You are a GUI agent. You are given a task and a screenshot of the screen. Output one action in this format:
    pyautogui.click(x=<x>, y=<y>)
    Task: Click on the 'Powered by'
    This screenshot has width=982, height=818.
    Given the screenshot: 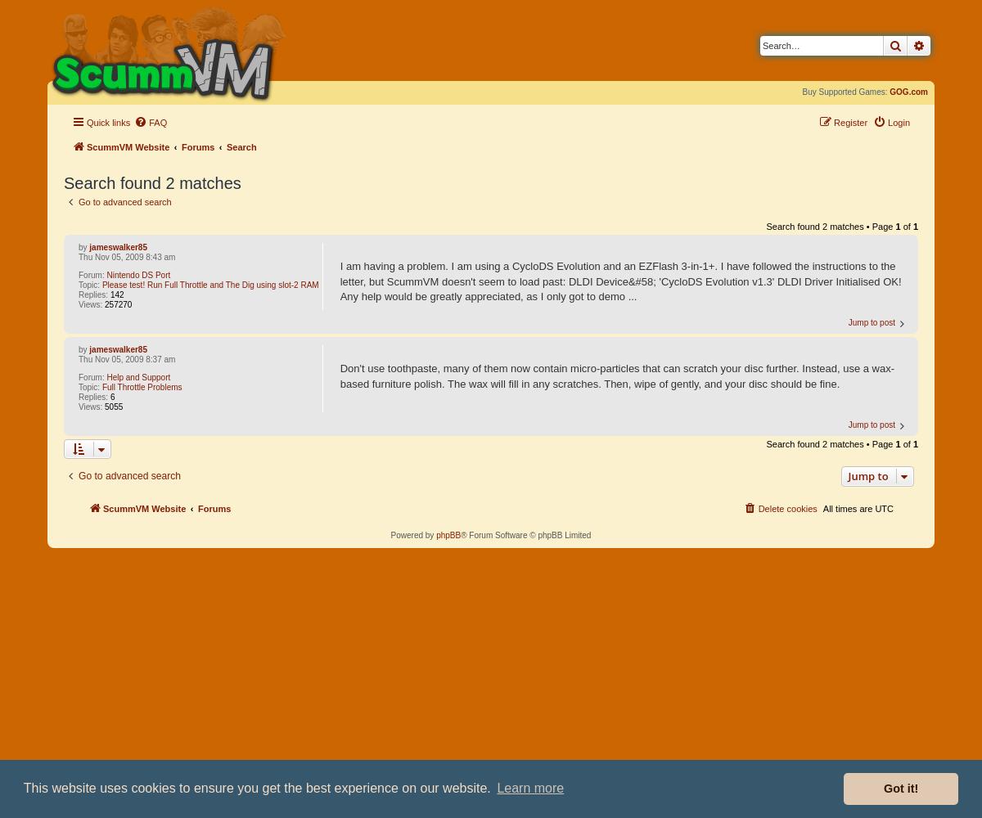 What is the action you would take?
    pyautogui.click(x=412, y=534)
    